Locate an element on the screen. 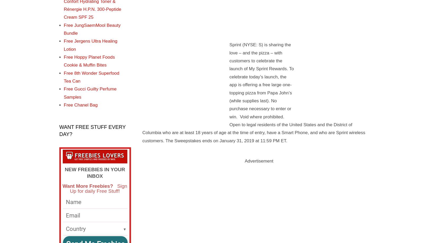  '.' is located at coordinates (286, 140).